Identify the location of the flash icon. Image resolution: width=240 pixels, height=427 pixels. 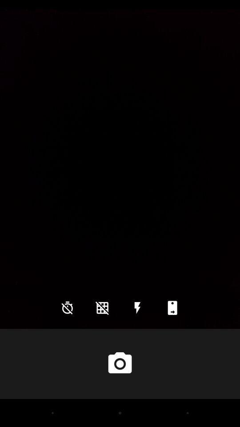
(137, 308).